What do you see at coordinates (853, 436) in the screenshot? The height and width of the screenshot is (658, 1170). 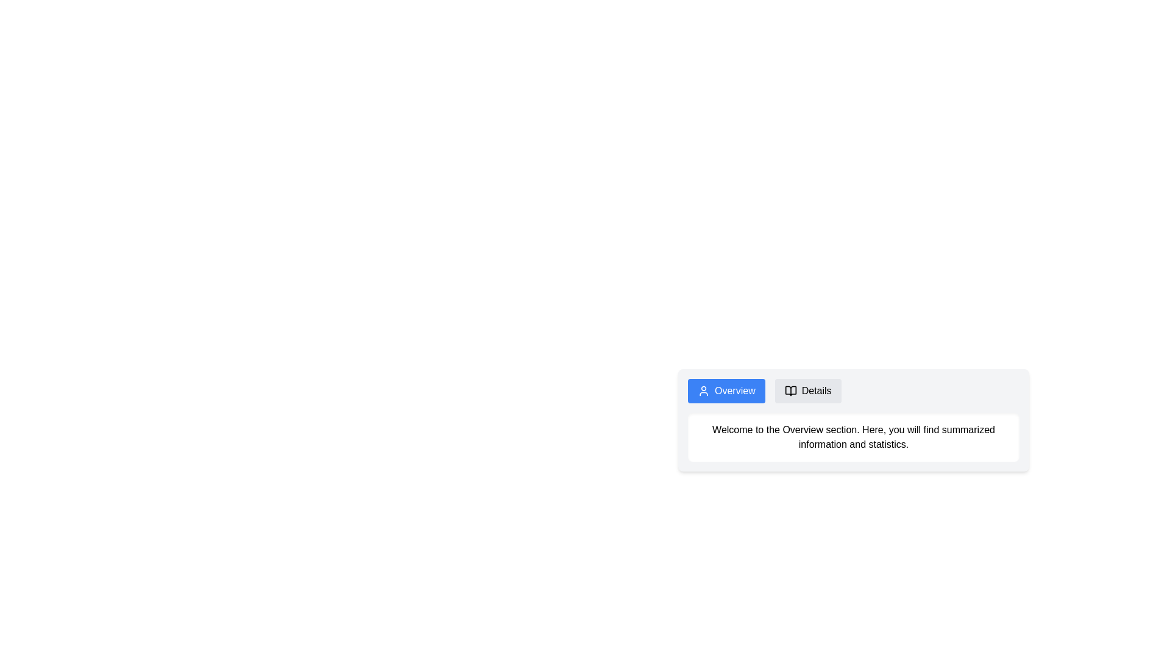 I see `the Text block element that contains the sentence 'Welcome to the Overview section. Here, you will find summarized information and statistics.'` at bounding box center [853, 436].